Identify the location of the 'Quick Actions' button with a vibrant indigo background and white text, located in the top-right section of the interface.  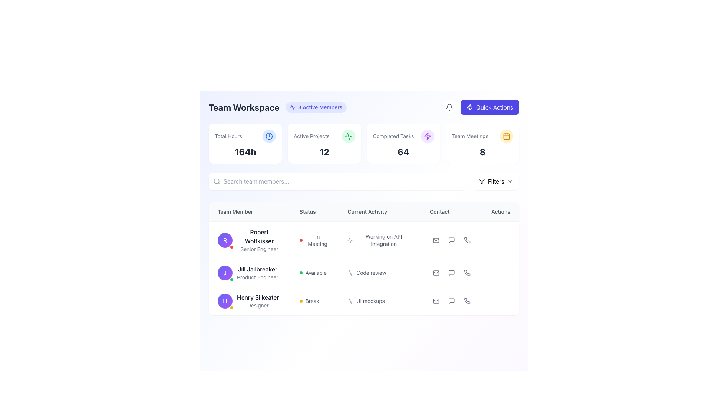
(489, 107).